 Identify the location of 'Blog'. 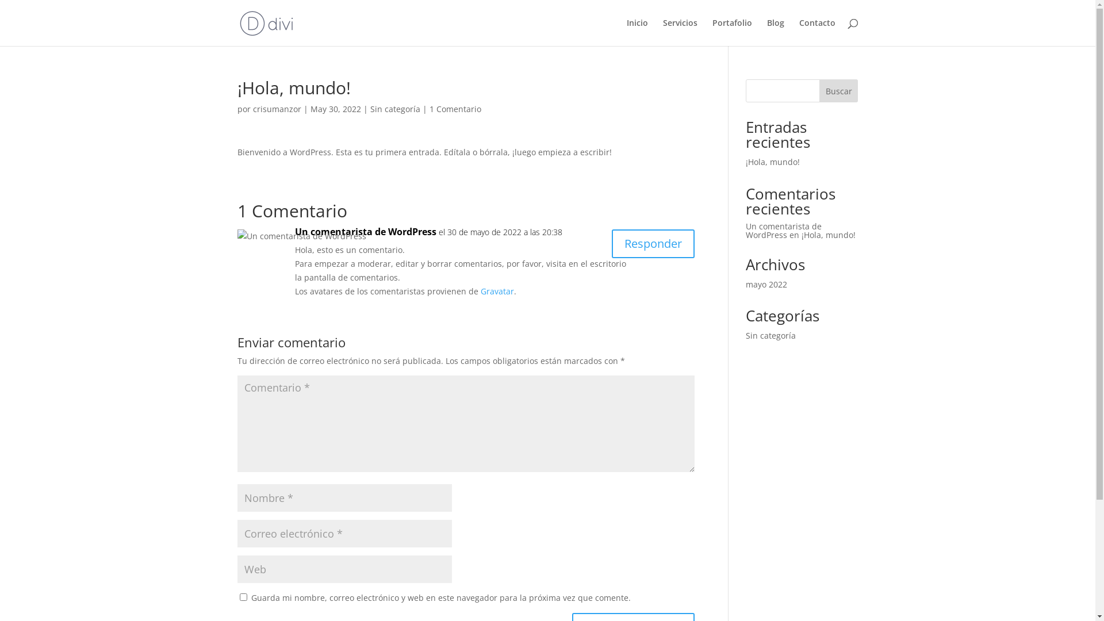
(767, 32).